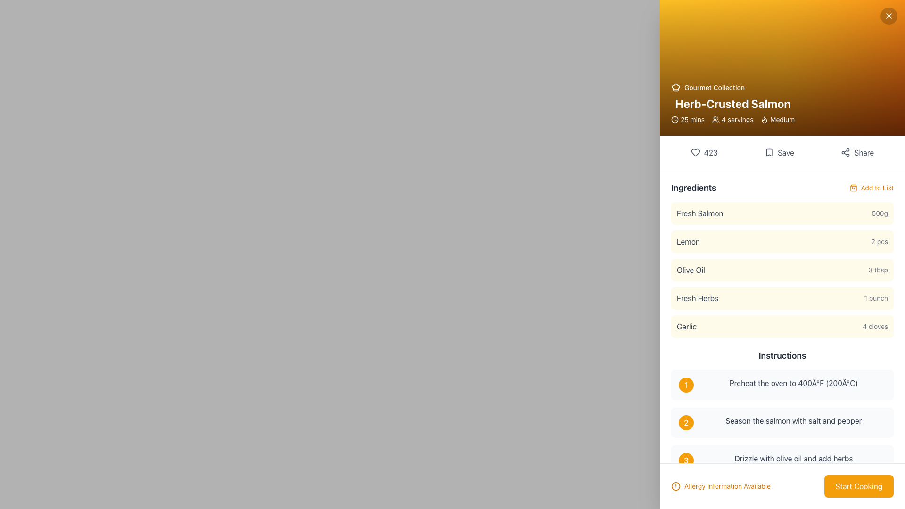 The width and height of the screenshot is (905, 509). What do you see at coordinates (846, 152) in the screenshot?
I see `the icon button resembling three interconnected circles, styled in dark gray, located next to the 'Share' text in the upper-right section of the interface` at bounding box center [846, 152].